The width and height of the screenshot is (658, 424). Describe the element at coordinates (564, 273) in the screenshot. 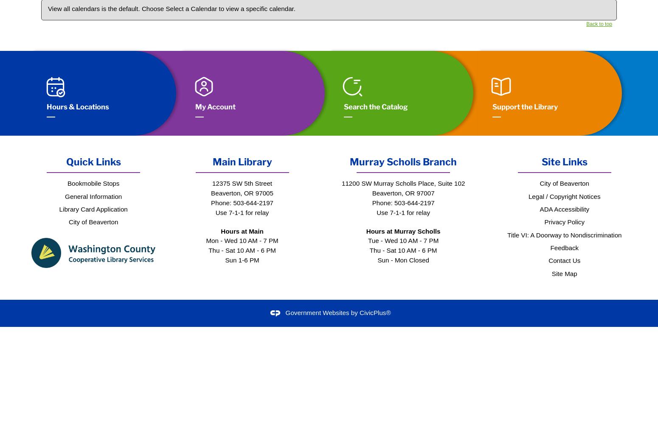

I see `'Site Map'` at that location.